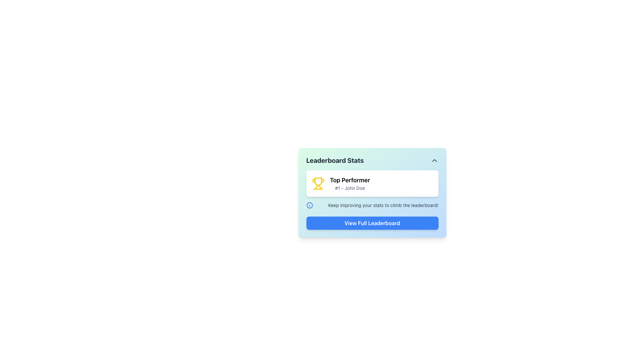 The width and height of the screenshot is (634, 356). What do you see at coordinates (372, 189) in the screenshot?
I see `the Informative Section that provides information about the top performer within the 'Leaderboard Stats' card` at bounding box center [372, 189].